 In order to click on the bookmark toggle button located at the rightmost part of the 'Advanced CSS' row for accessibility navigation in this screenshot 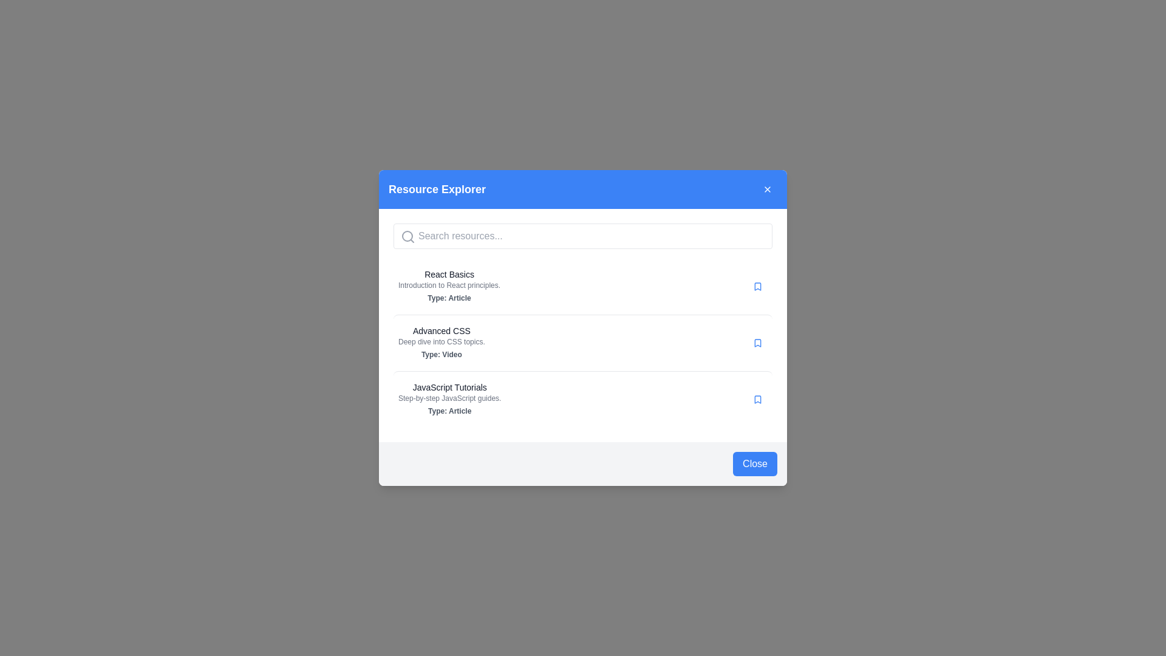, I will do `click(757, 343)`.